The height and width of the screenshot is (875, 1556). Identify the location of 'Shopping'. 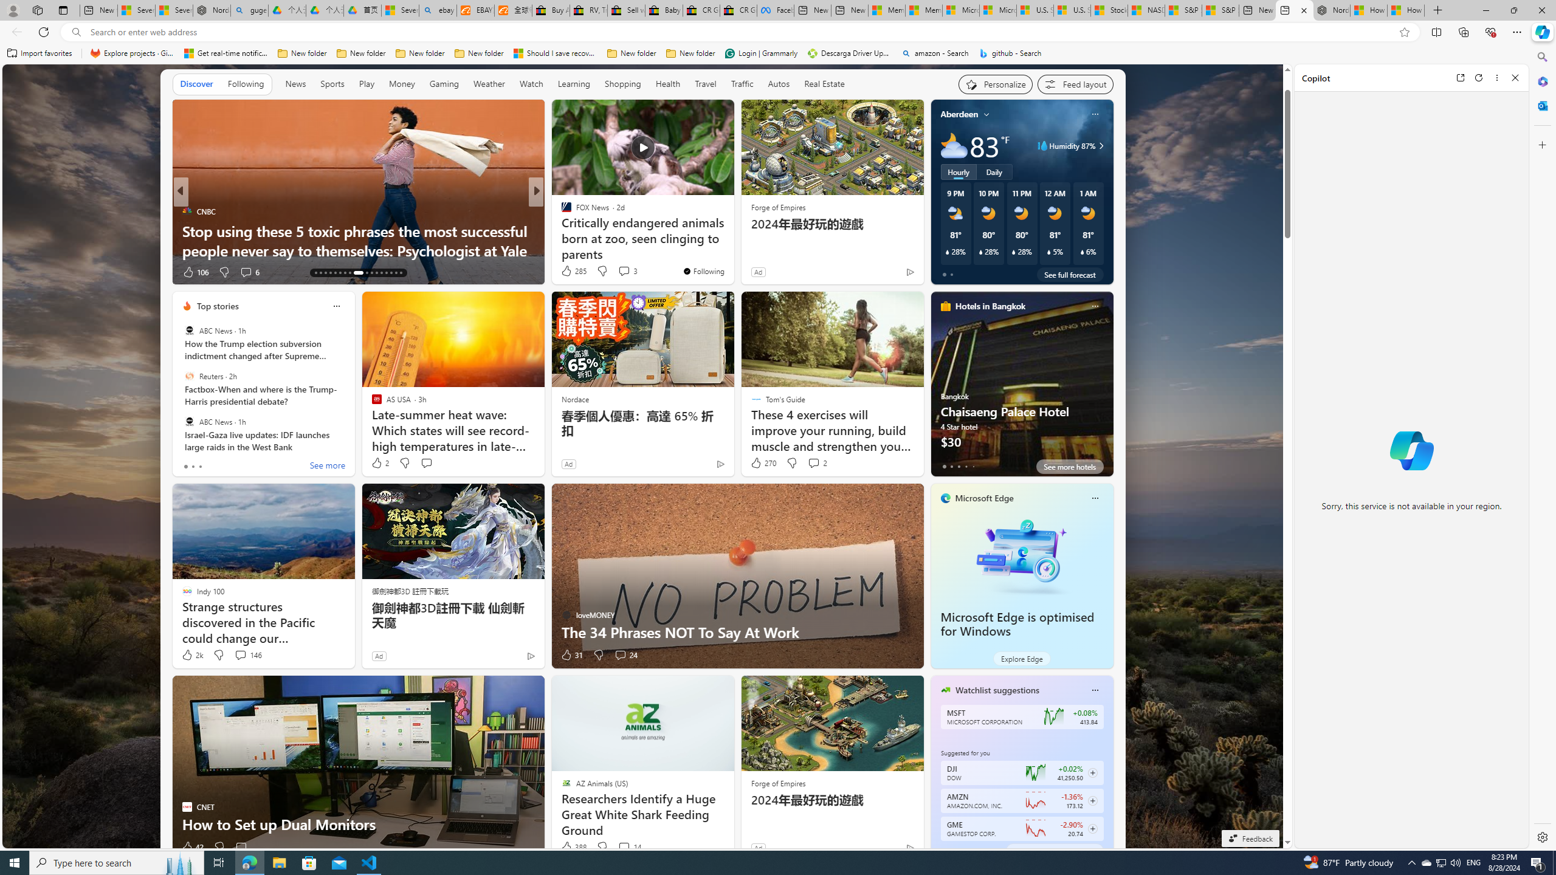
(622, 83).